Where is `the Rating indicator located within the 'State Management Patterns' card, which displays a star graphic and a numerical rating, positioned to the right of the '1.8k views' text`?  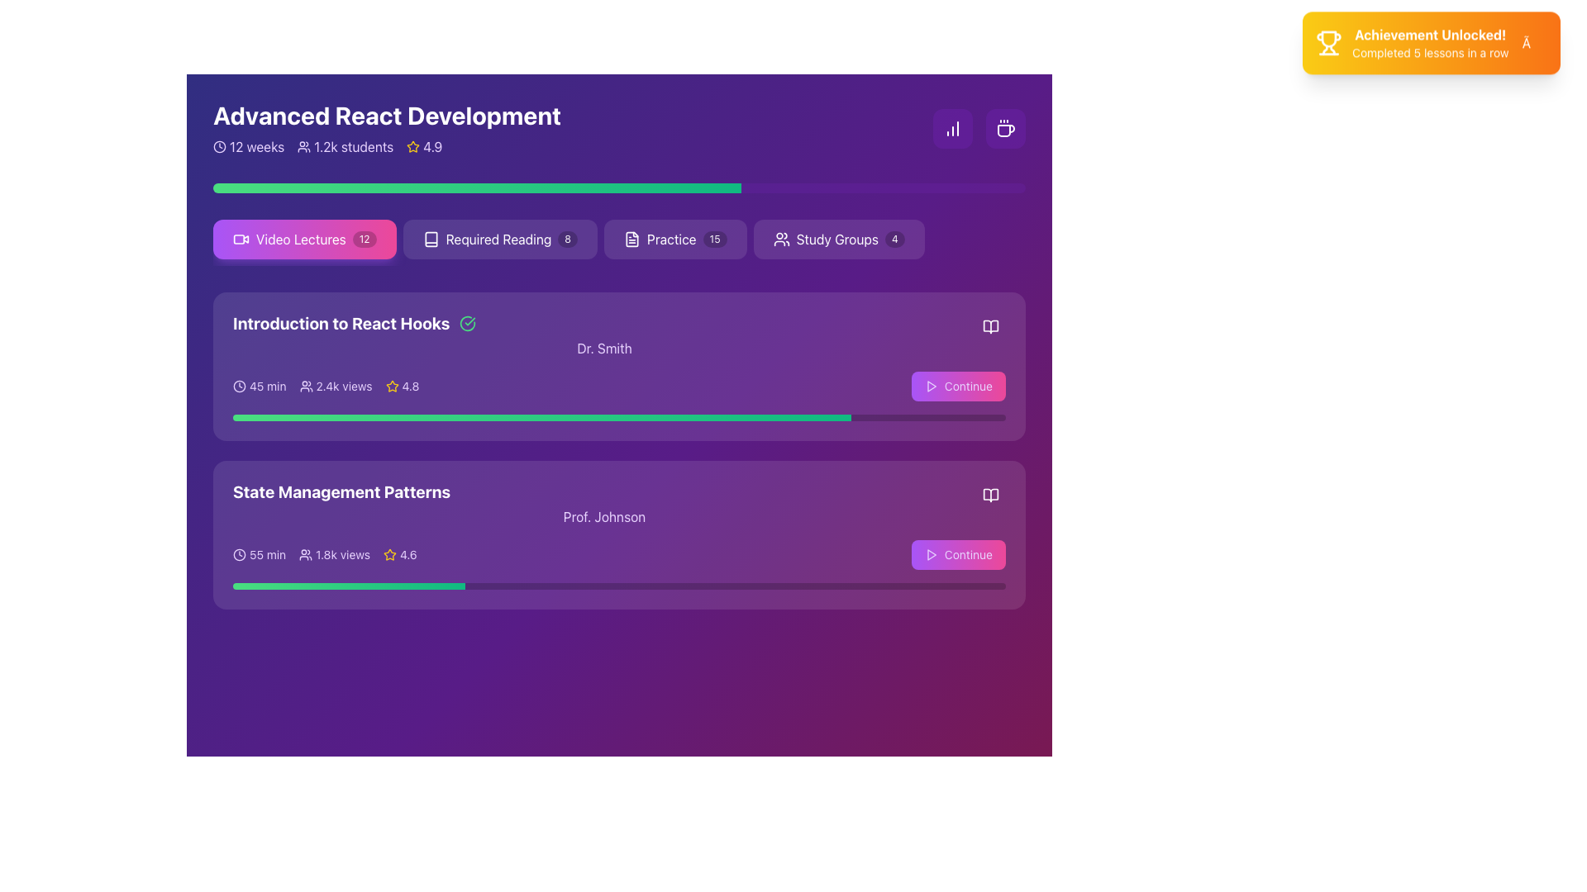
the Rating indicator located within the 'State Management Patterns' card, which displays a star graphic and a numerical rating, positioned to the right of the '1.8k views' text is located at coordinates (400, 554).